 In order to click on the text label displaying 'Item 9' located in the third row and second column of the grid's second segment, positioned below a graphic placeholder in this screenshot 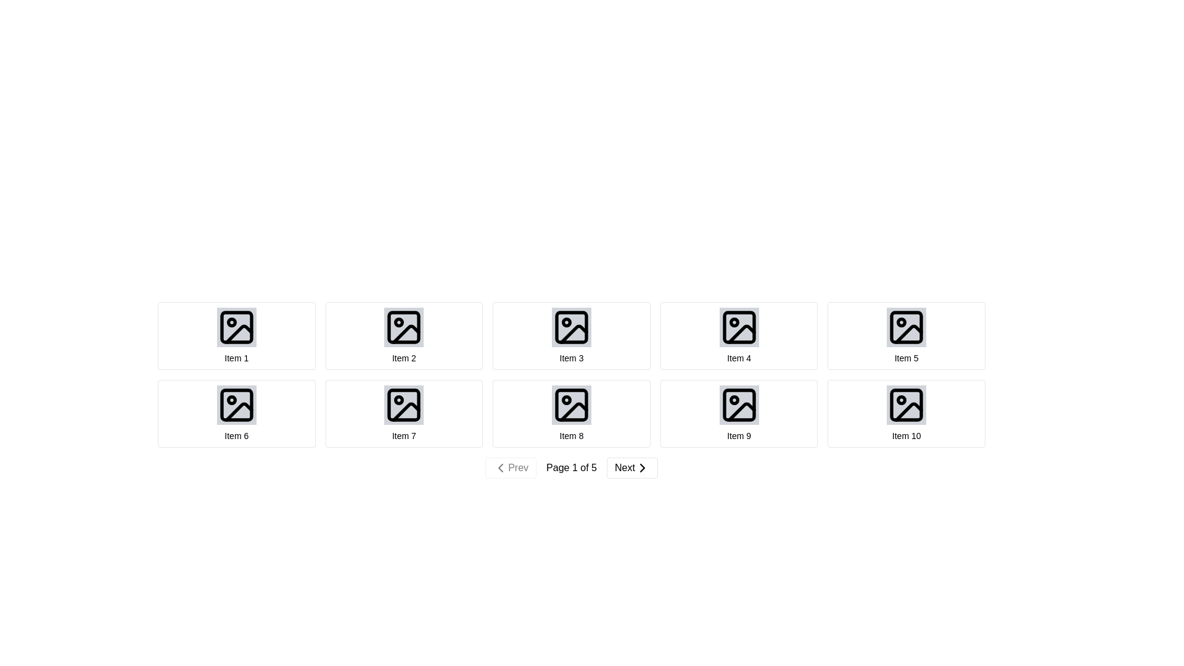, I will do `click(739, 435)`.